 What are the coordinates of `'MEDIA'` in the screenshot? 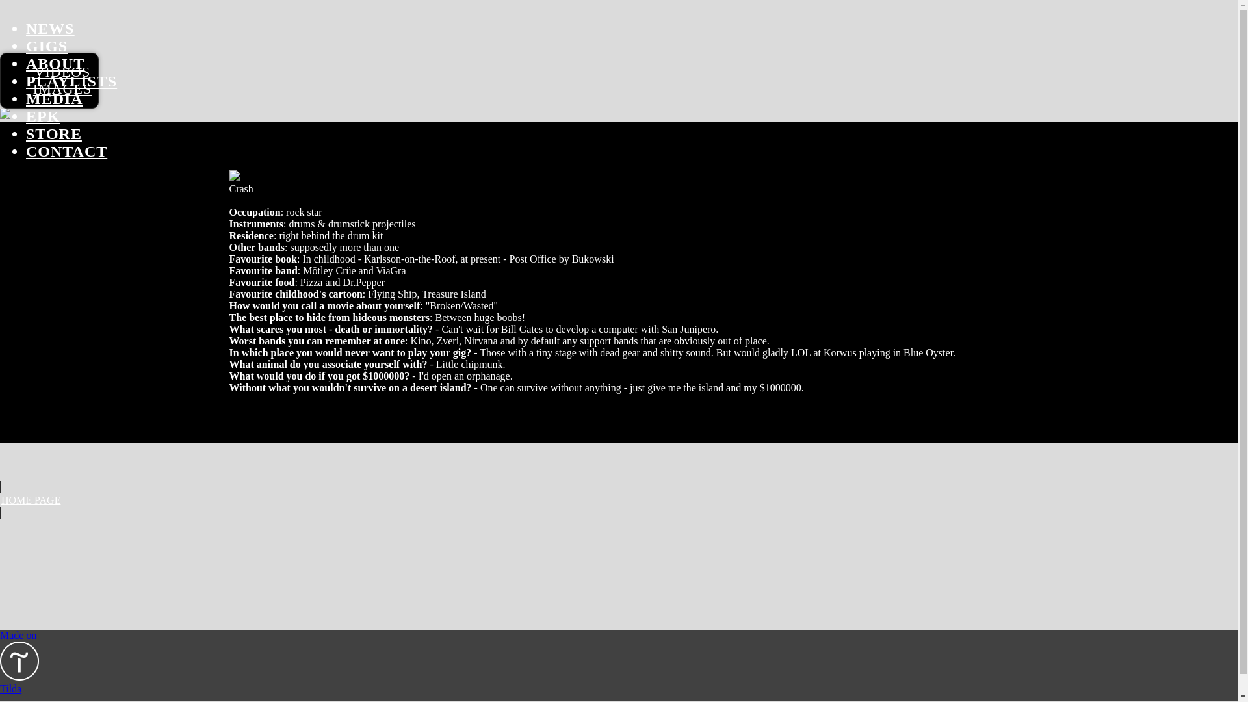 It's located at (25, 97).